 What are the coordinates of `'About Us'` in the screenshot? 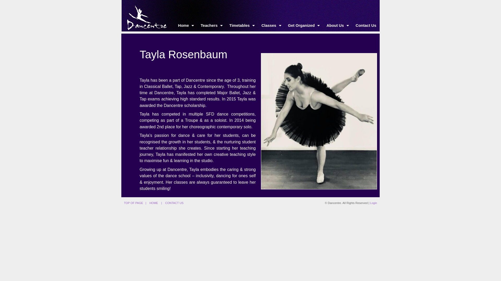 It's located at (338, 25).